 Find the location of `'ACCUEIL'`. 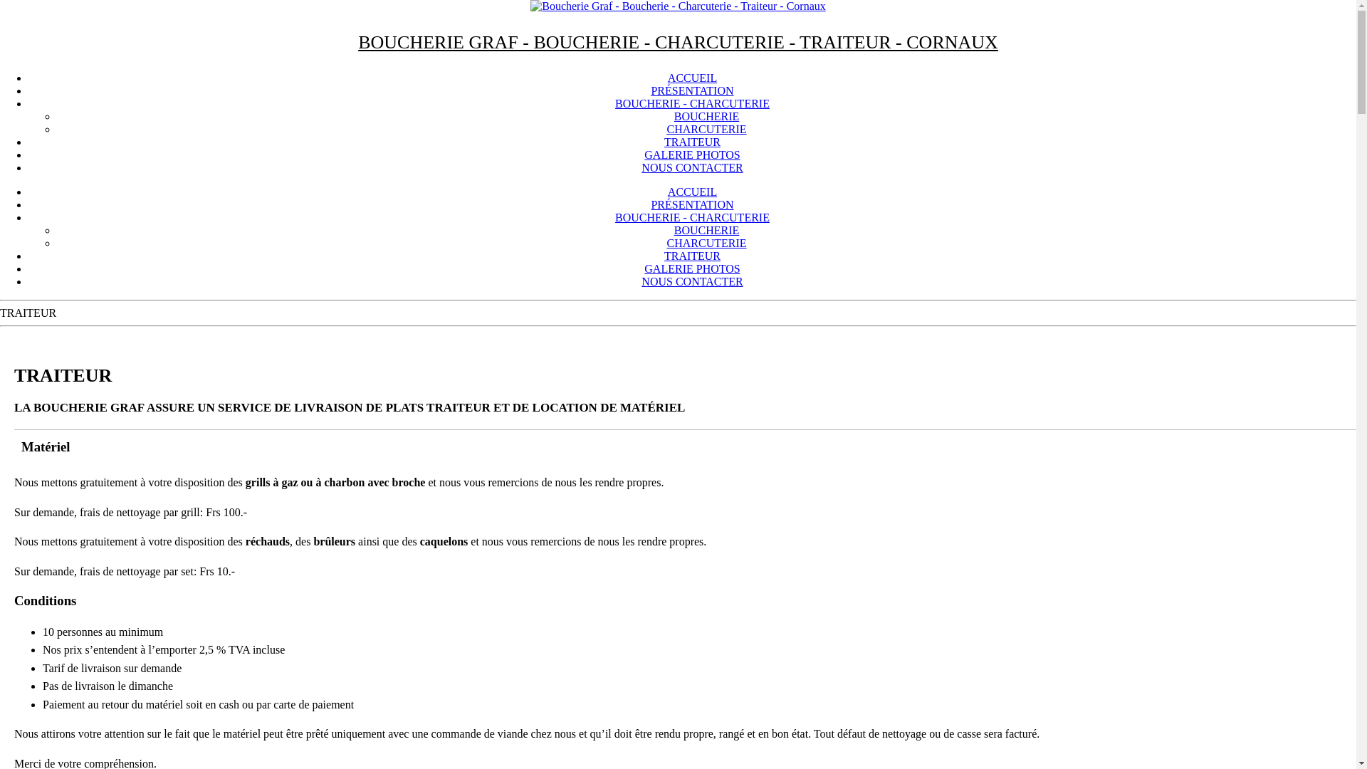

'ACCUEIL' is located at coordinates (692, 191).